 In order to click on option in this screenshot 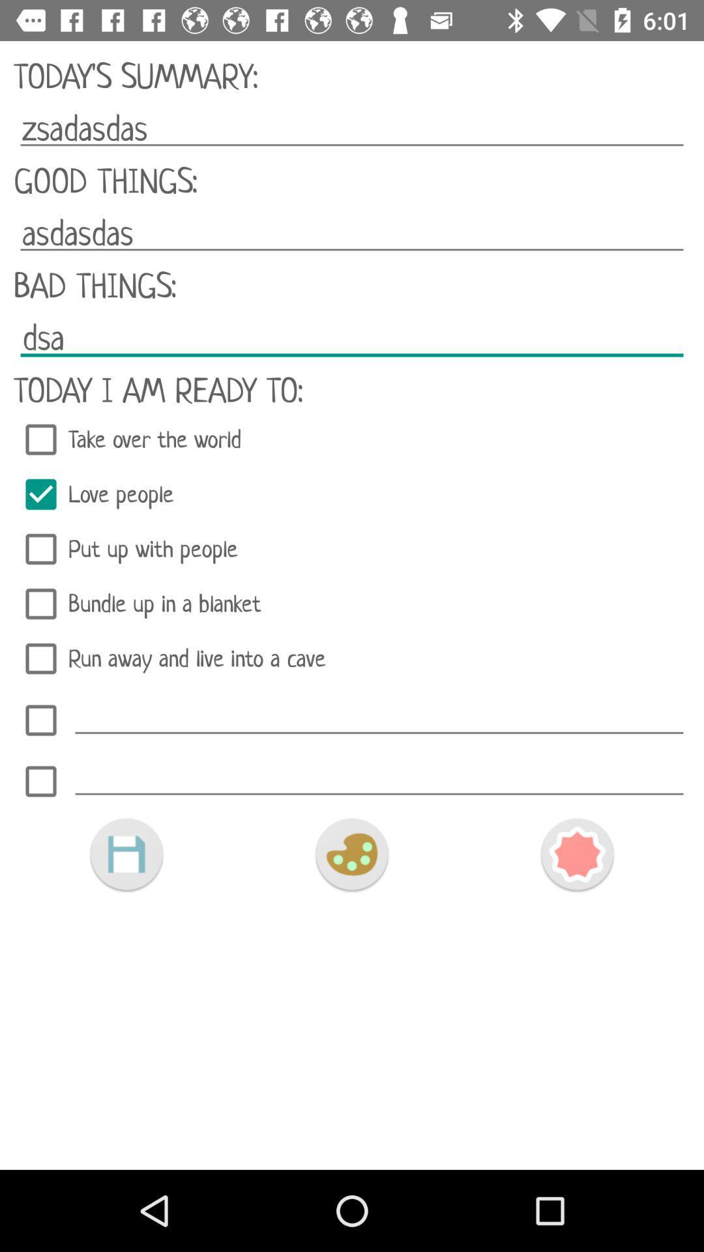, I will do `click(379, 716)`.